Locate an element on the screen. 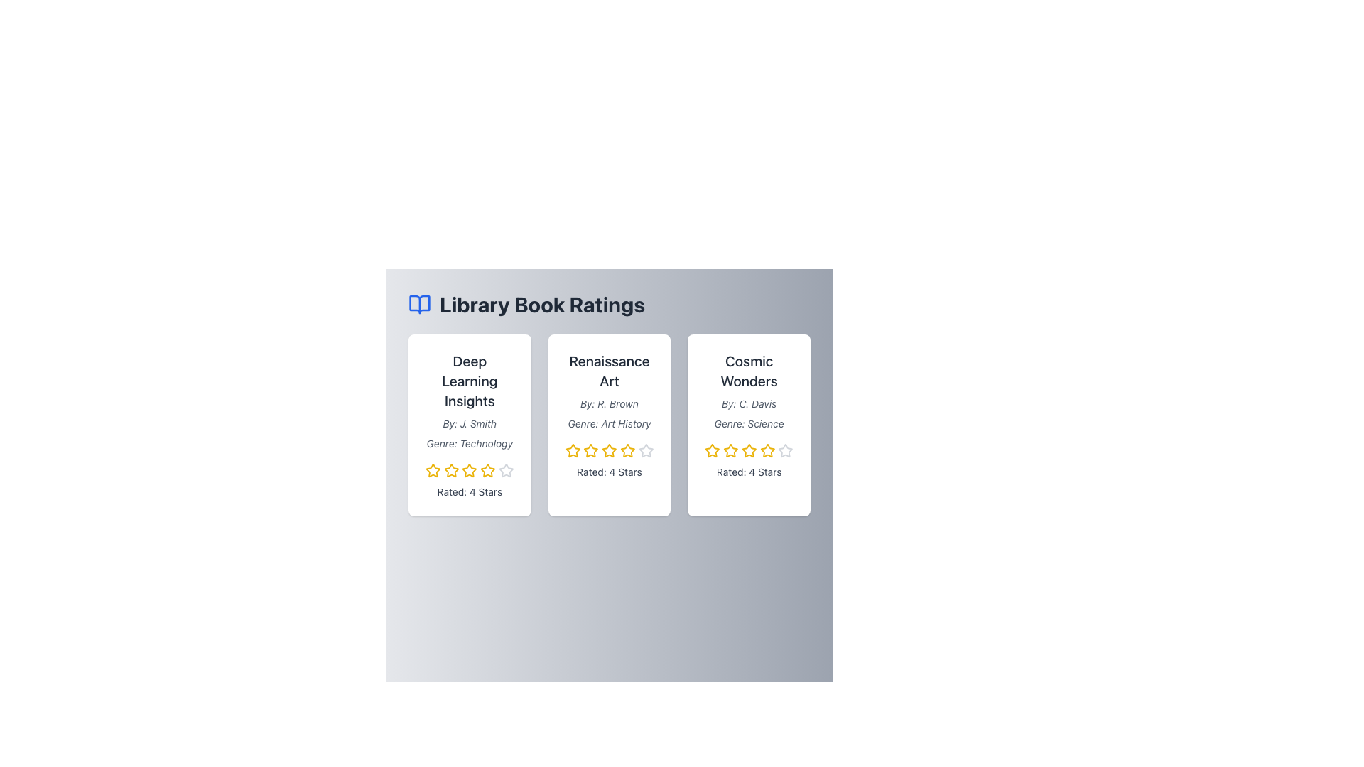 The width and height of the screenshot is (1364, 767). the text element displaying 'Library Book Ratings' in bold and large dark gray font at the top center of the interface is located at coordinates (541, 303).